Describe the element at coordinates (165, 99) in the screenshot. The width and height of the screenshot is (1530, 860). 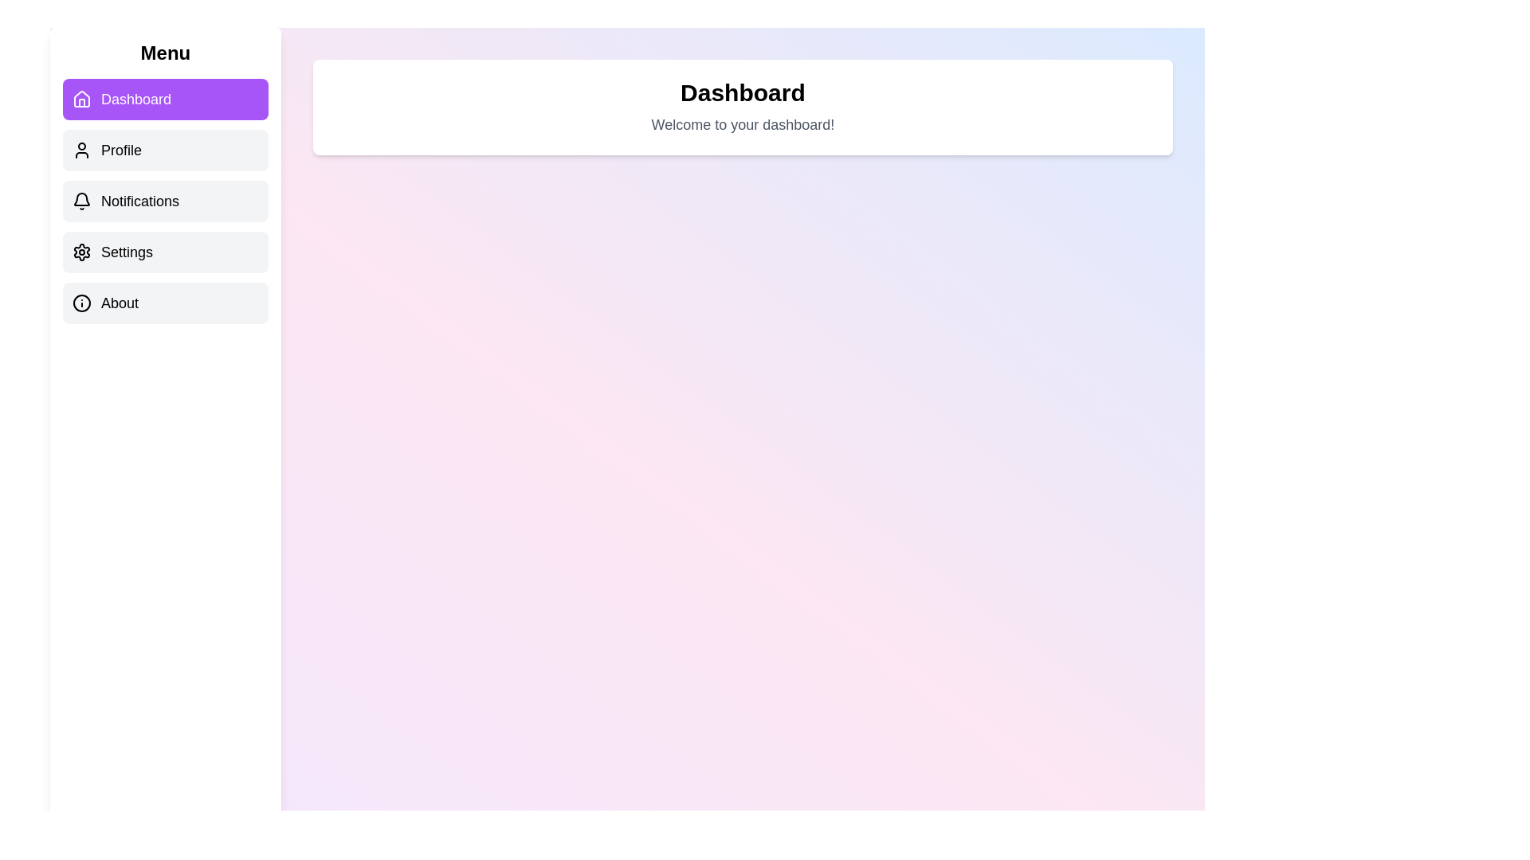
I see `the menu item Dashboard to observe its hover effect` at that location.